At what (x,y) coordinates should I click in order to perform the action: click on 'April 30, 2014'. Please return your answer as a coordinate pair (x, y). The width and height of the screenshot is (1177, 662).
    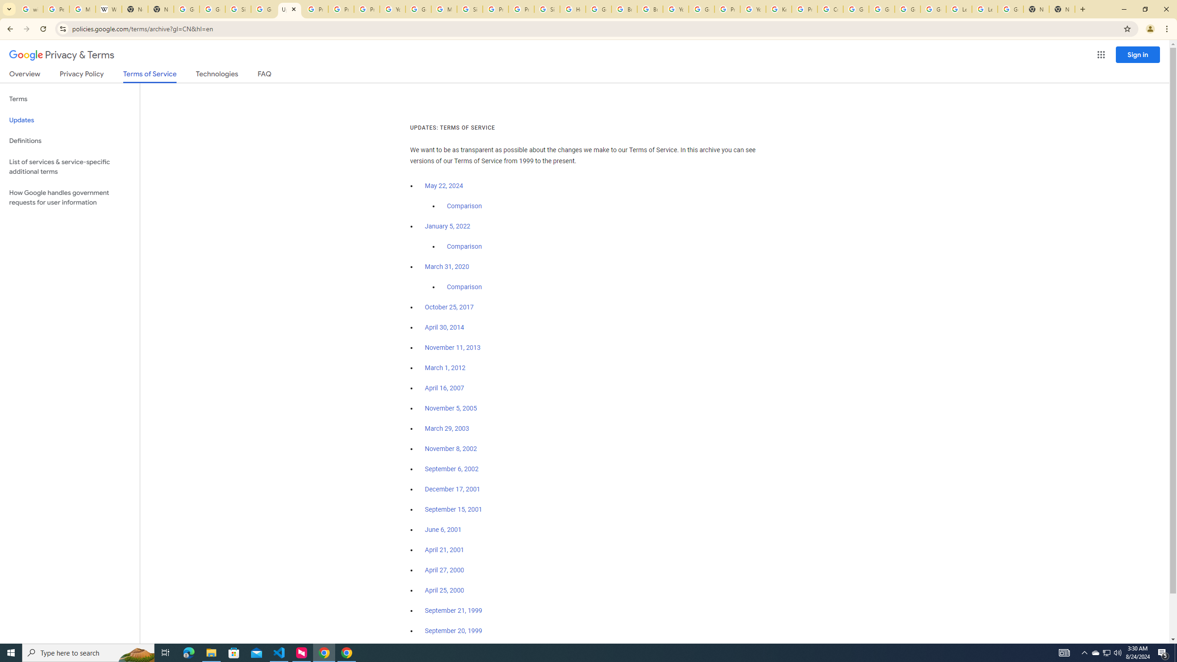
    Looking at the image, I should click on (444, 327).